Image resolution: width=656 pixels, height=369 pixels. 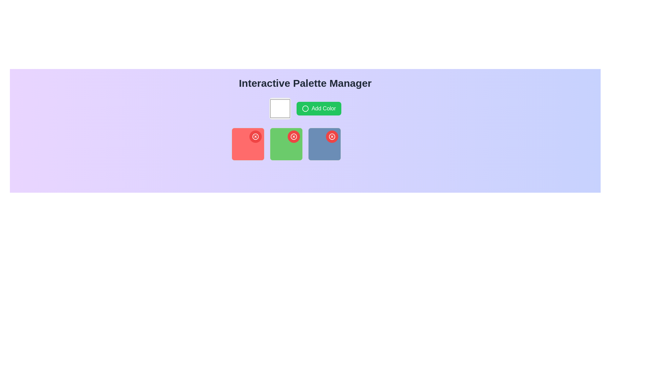 I want to click on the icon button located in the top-right corner of the blue square block, so click(x=332, y=137).